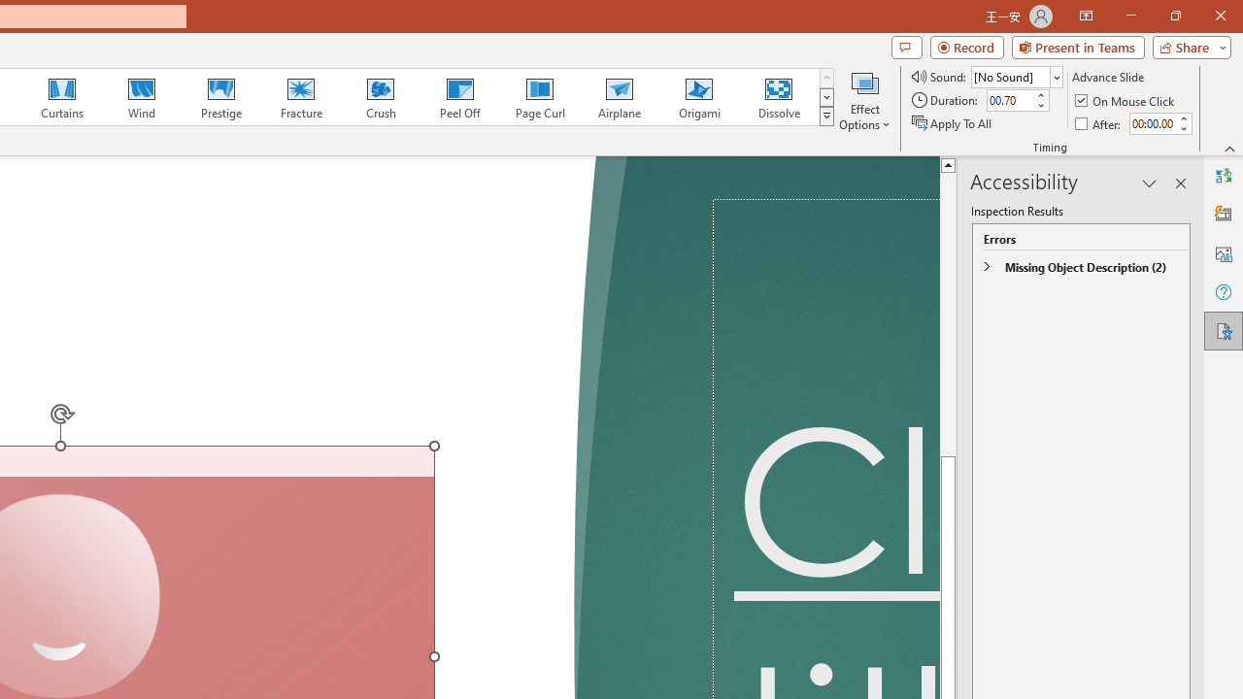  What do you see at coordinates (1125, 100) in the screenshot?
I see `'On Mouse Click'` at bounding box center [1125, 100].